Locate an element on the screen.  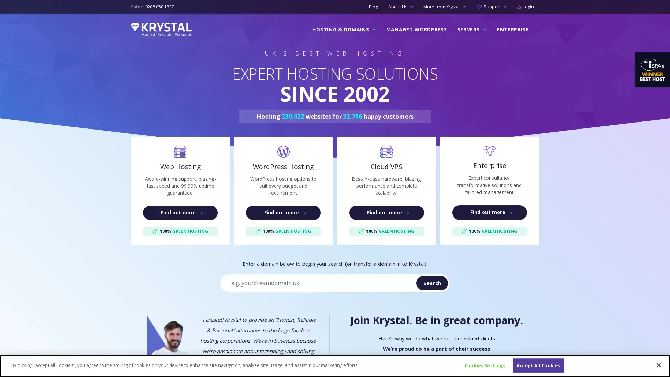
Close is located at coordinates (658, 364).